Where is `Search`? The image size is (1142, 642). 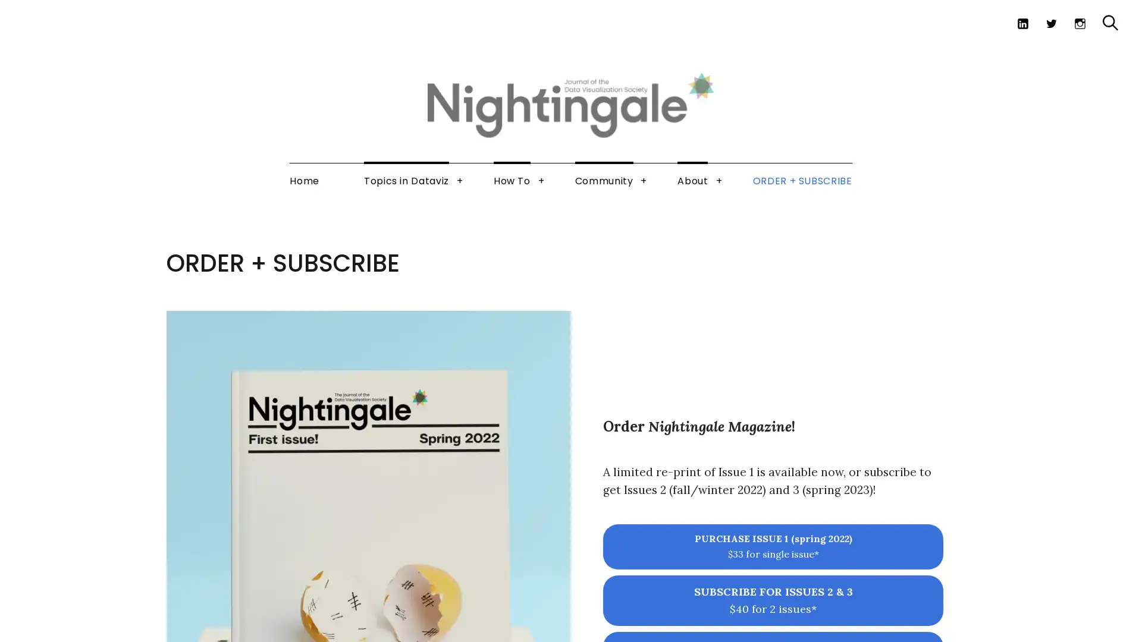 Search is located at coordinates (1110, 23).